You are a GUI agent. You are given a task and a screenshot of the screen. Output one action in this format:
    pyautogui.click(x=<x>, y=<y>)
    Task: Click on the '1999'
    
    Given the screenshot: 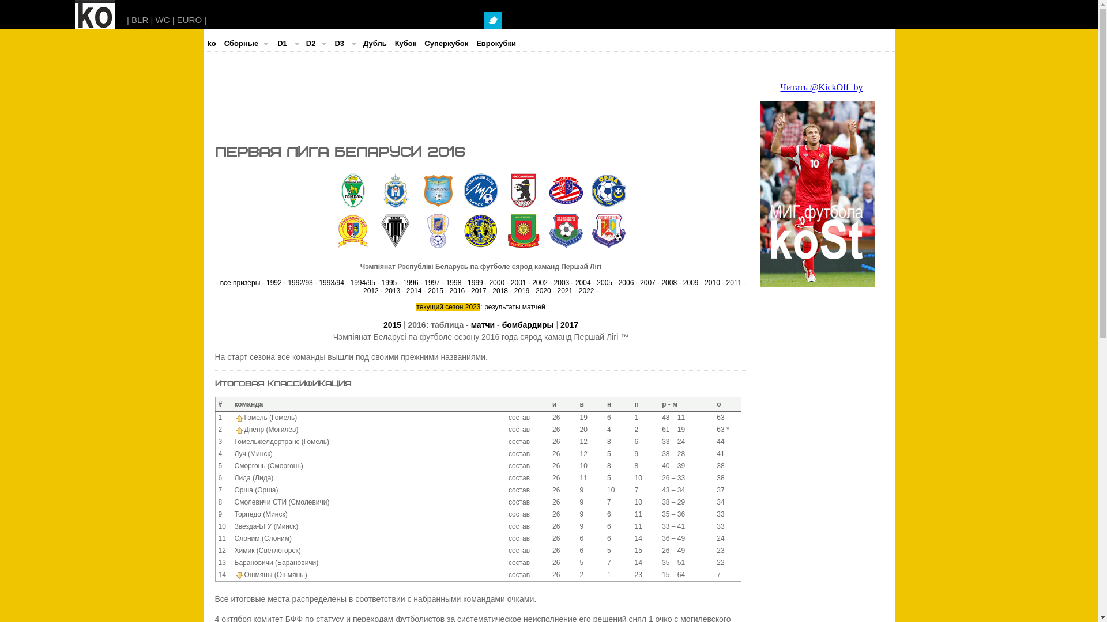 What is the action you would take?
    pyautogui.click(x=475, y=282)
    